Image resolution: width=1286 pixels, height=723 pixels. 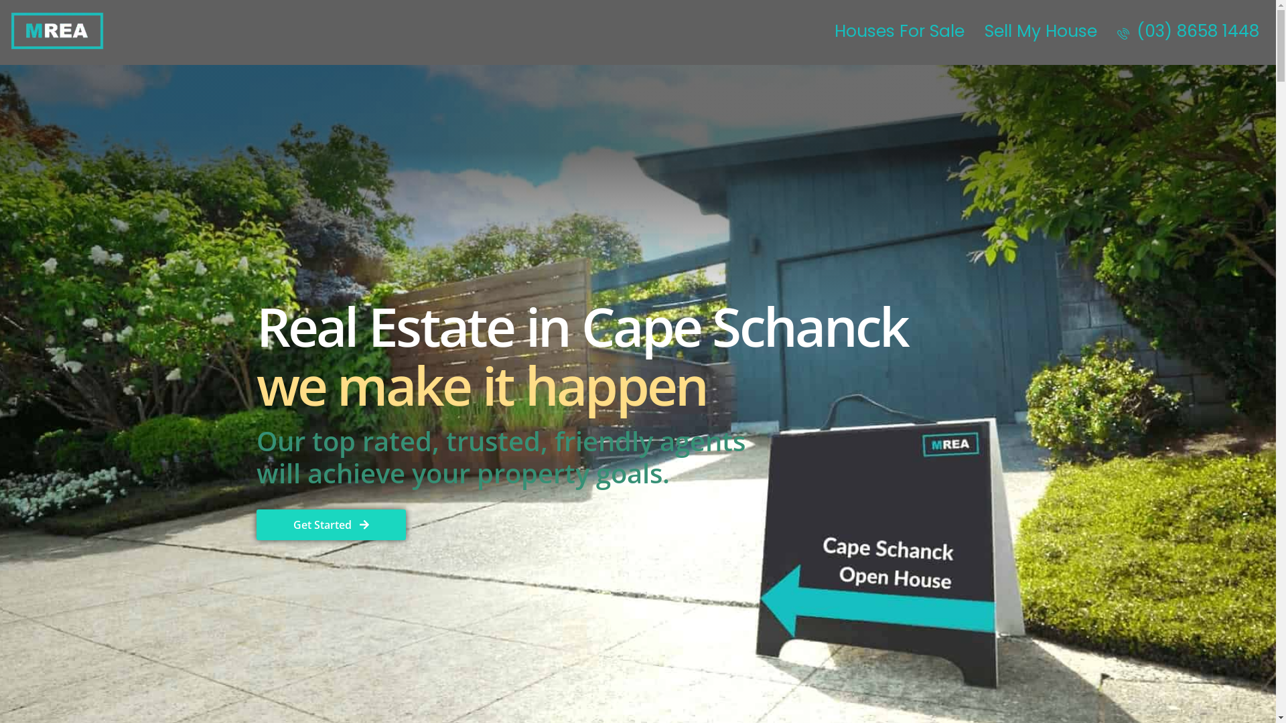 What do you see at coordinates (330, 524) in the screenshot?
I see `'Get Started'` at bounding box center [330, 524].